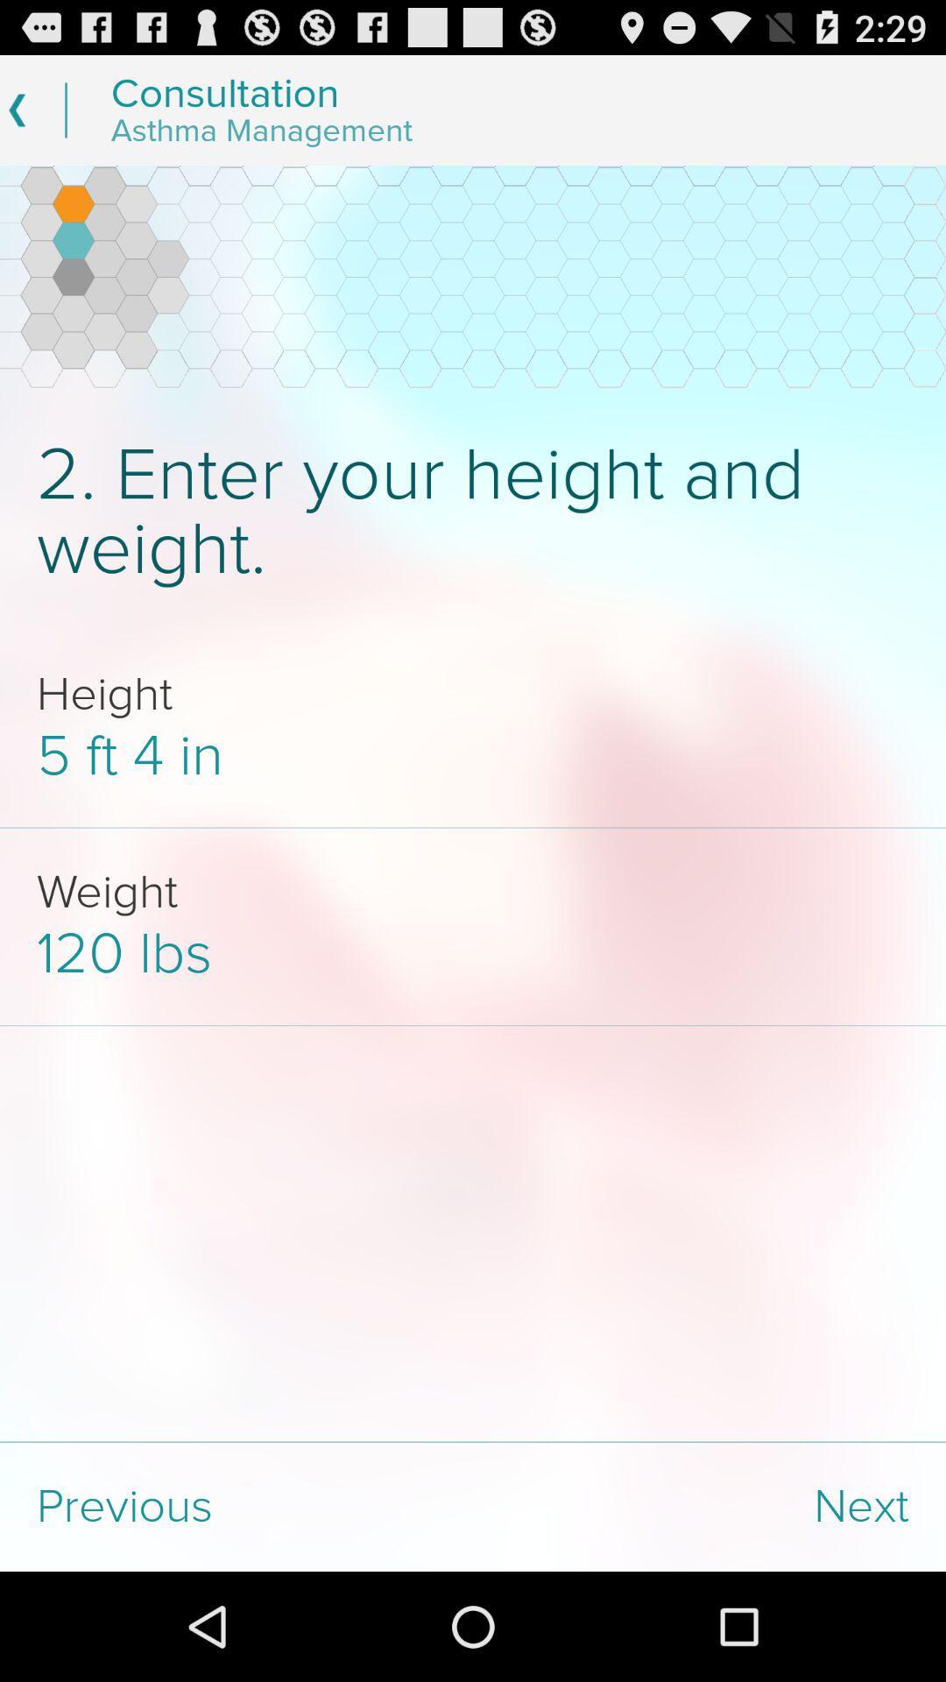 The width and height of the screenshot is (946, 1682). Describe the element at coordinates (709, 1506) in the screenshot. I see `next item` at that location.